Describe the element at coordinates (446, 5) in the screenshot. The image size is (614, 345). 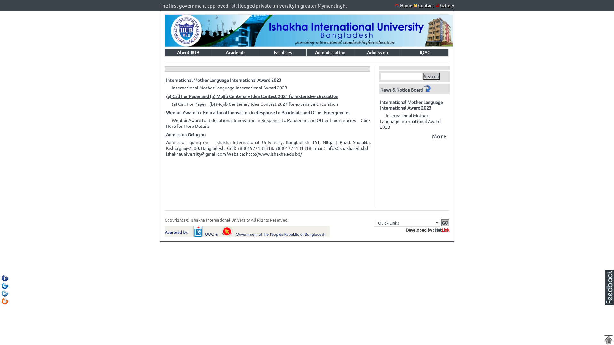
I see `'Gallery'` at that location.